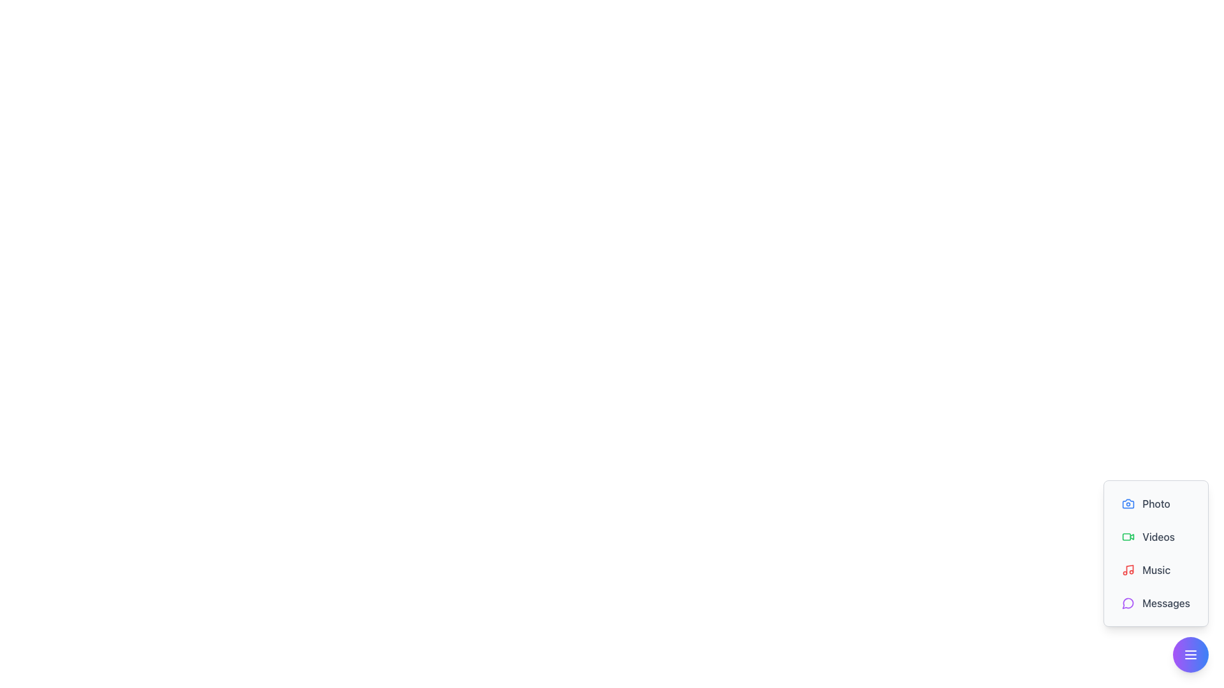  Describe the element at coordinates (1158, 537) in the screenshot. I see `the 'Videos' text label, which is the second item in a vertical list for managing or viewing video files, located between the 'Photo' and 'Music' items` at that location.